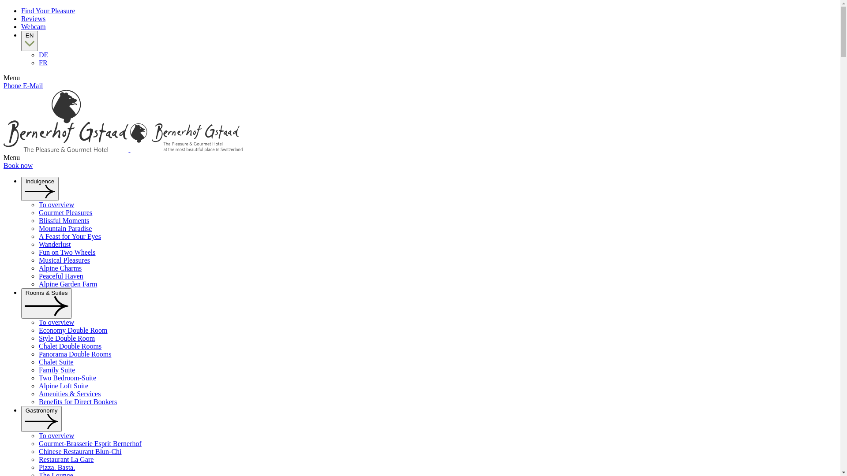 The width and height of the screenshot is (847, 476). I want to click on 'EN', so click(30, 41).